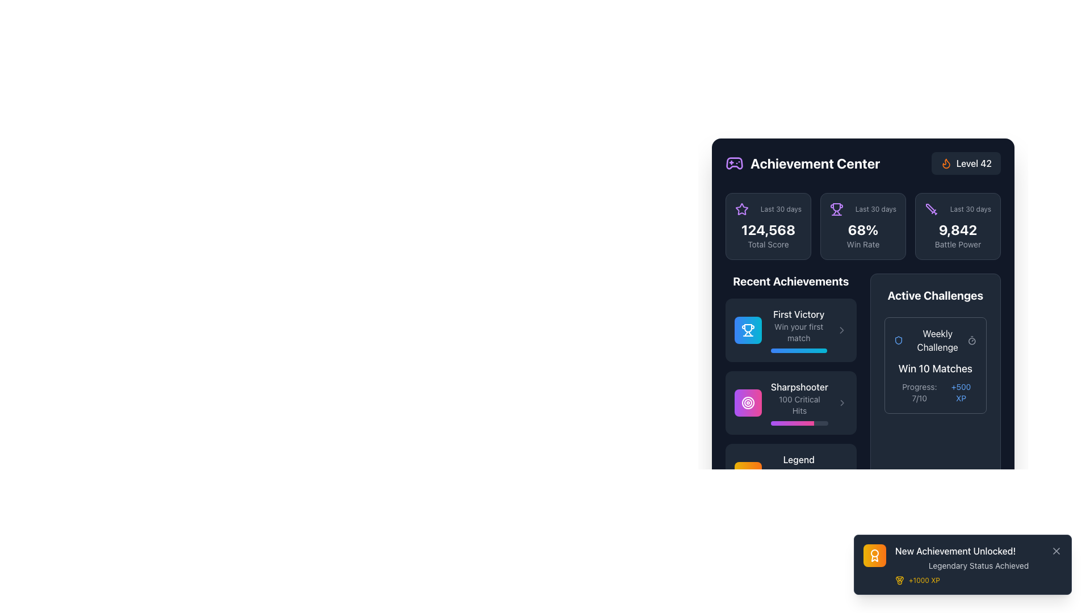  What do you see at coordinates (957, 244) in the screenshot?
I see `the Text Label that describes the 'Battle Power' value of '9,842', located below the statistic in the rightmost section under the 'Achievement Center' header` at bounding box center [957, 244].